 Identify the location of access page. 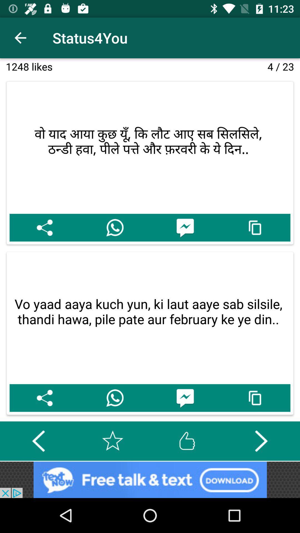
(255, 228).